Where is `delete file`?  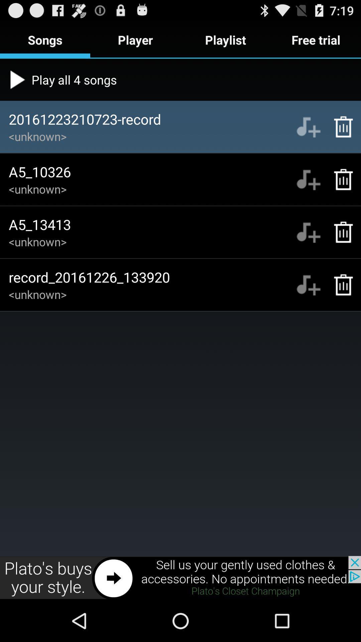 delete file is located at coordinates (340, 127).